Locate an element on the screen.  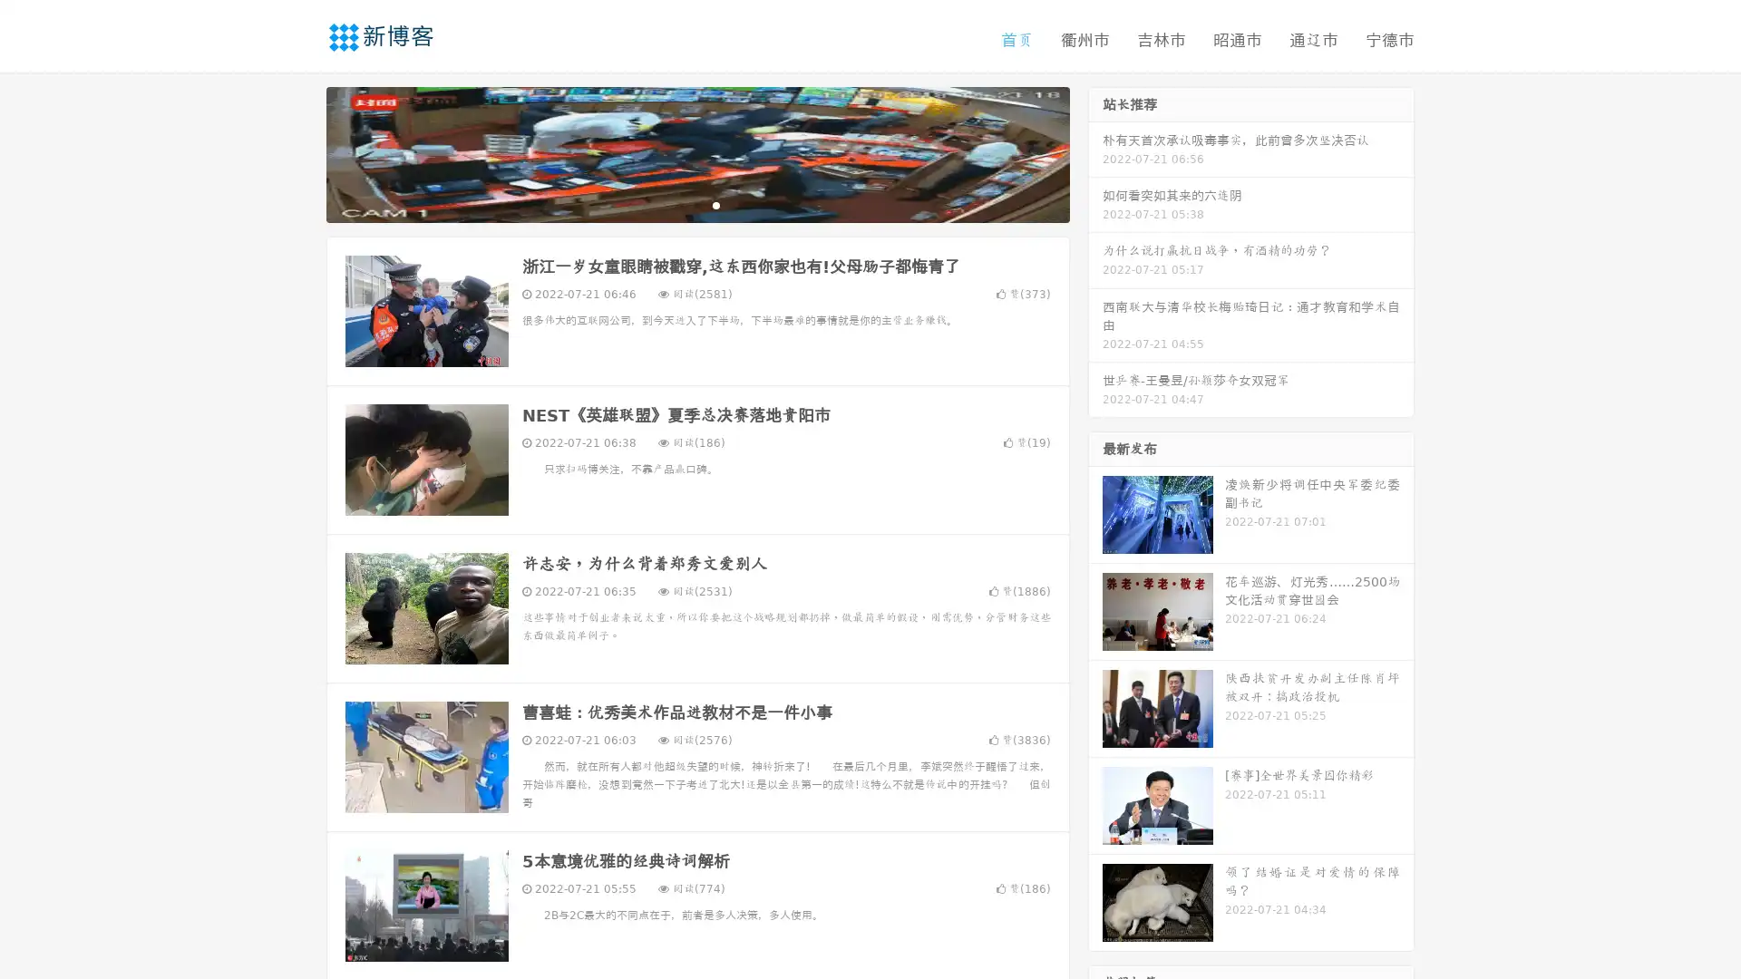
Previous slide is located at coordinates (299, 152).